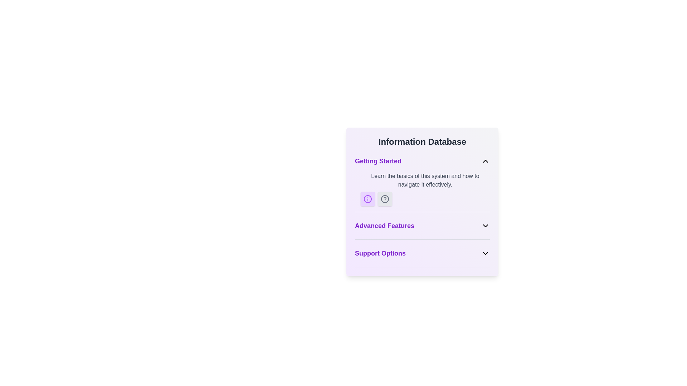  Describe the element at coordinates (384, 199) in the screenshot. I see `the help icon located at the rightmost position in the series of two icons under the 'Getting Started' section` at that location.